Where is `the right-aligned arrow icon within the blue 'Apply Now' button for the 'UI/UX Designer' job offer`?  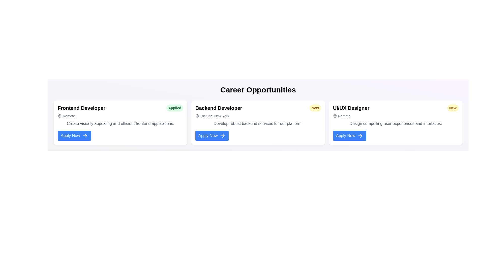 the right-aligned arrow icon within the blue 'Apply Now' button for the 'UI/UX Designer' job offer is located at coordinates (361, 135).